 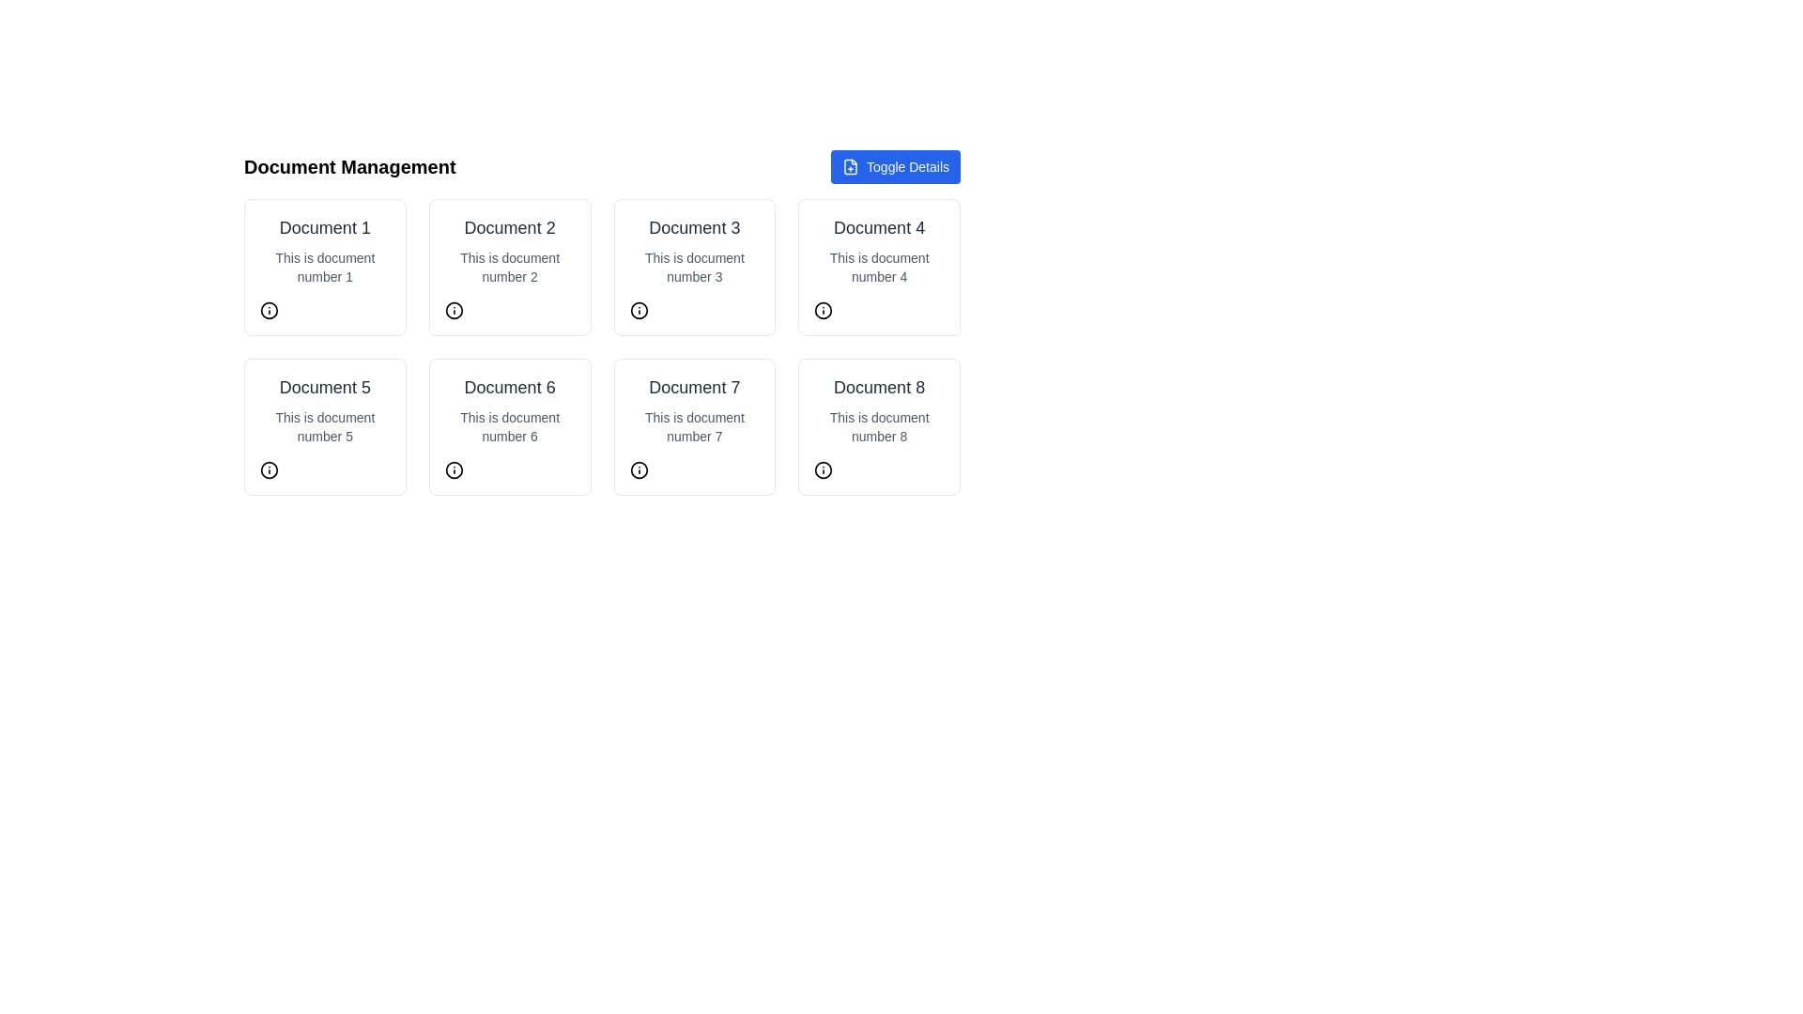 I want to click on the first card, so click(x=325, y=268).